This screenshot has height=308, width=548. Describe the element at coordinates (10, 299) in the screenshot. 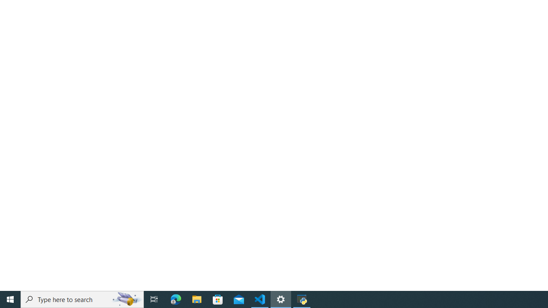

I see `'Start'` at that location.